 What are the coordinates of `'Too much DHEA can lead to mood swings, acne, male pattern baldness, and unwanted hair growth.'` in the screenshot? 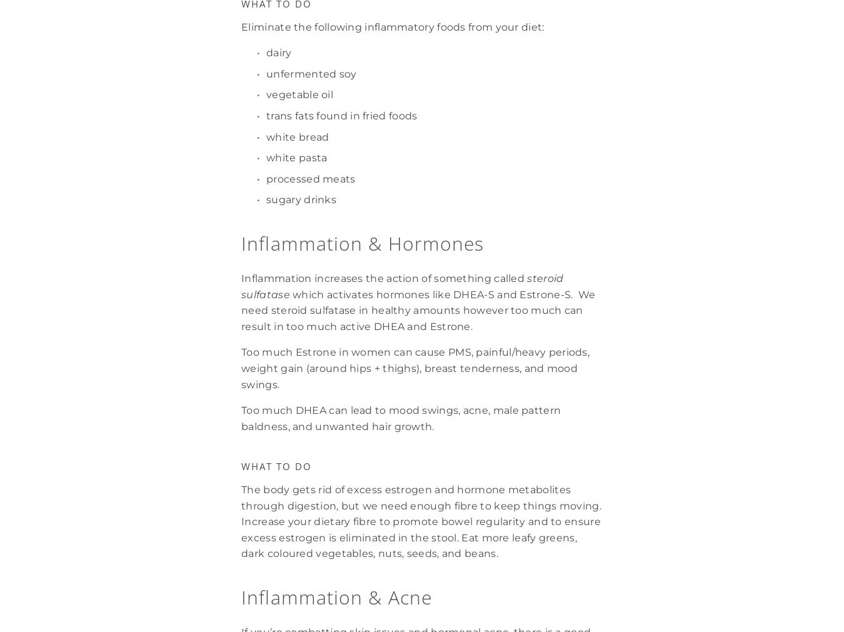 It's located at (402, 418).